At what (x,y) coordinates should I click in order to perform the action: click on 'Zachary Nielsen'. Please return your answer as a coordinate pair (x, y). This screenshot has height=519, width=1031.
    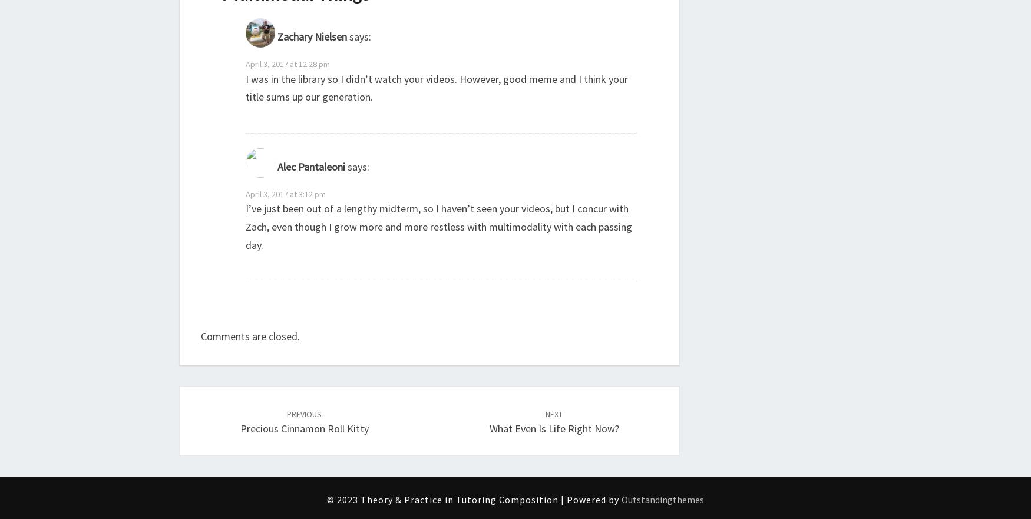
    Looking at the image, I should click on (277, 36).